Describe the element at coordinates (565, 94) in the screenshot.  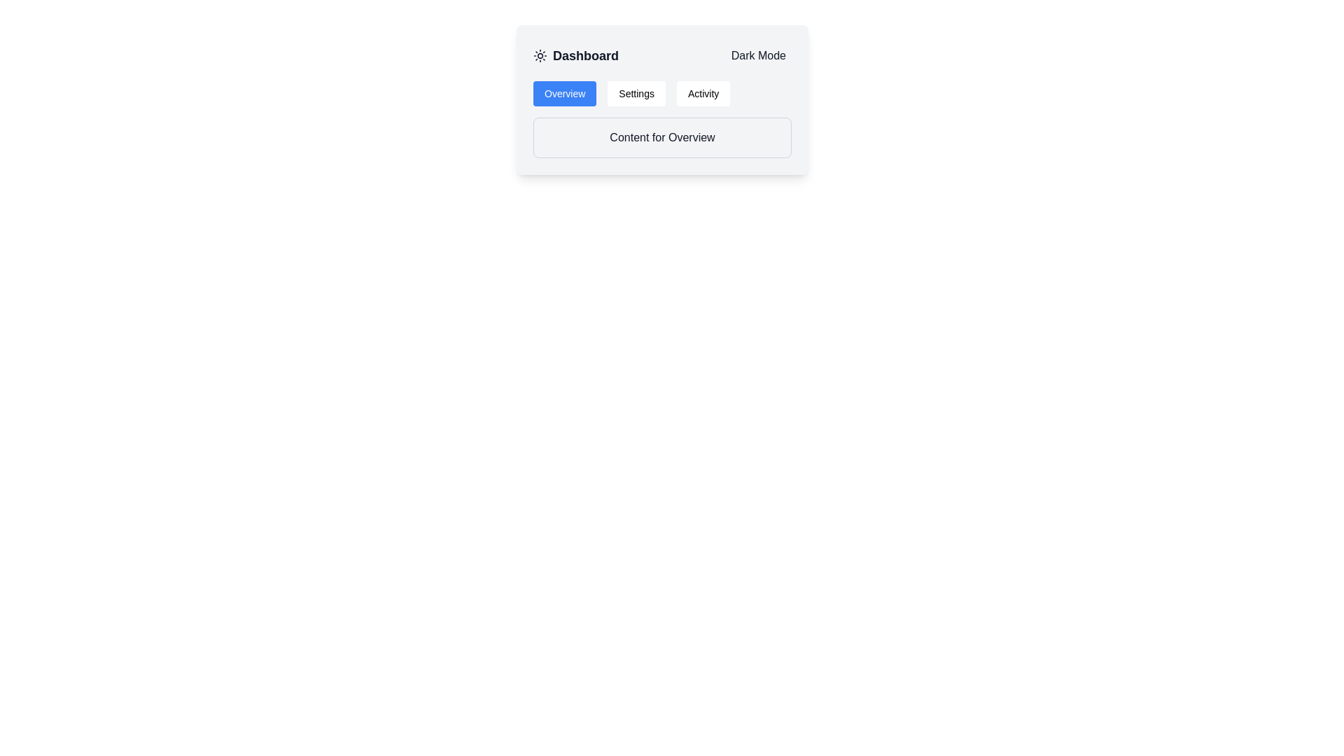
I see `the 'Overview' button` at that location.